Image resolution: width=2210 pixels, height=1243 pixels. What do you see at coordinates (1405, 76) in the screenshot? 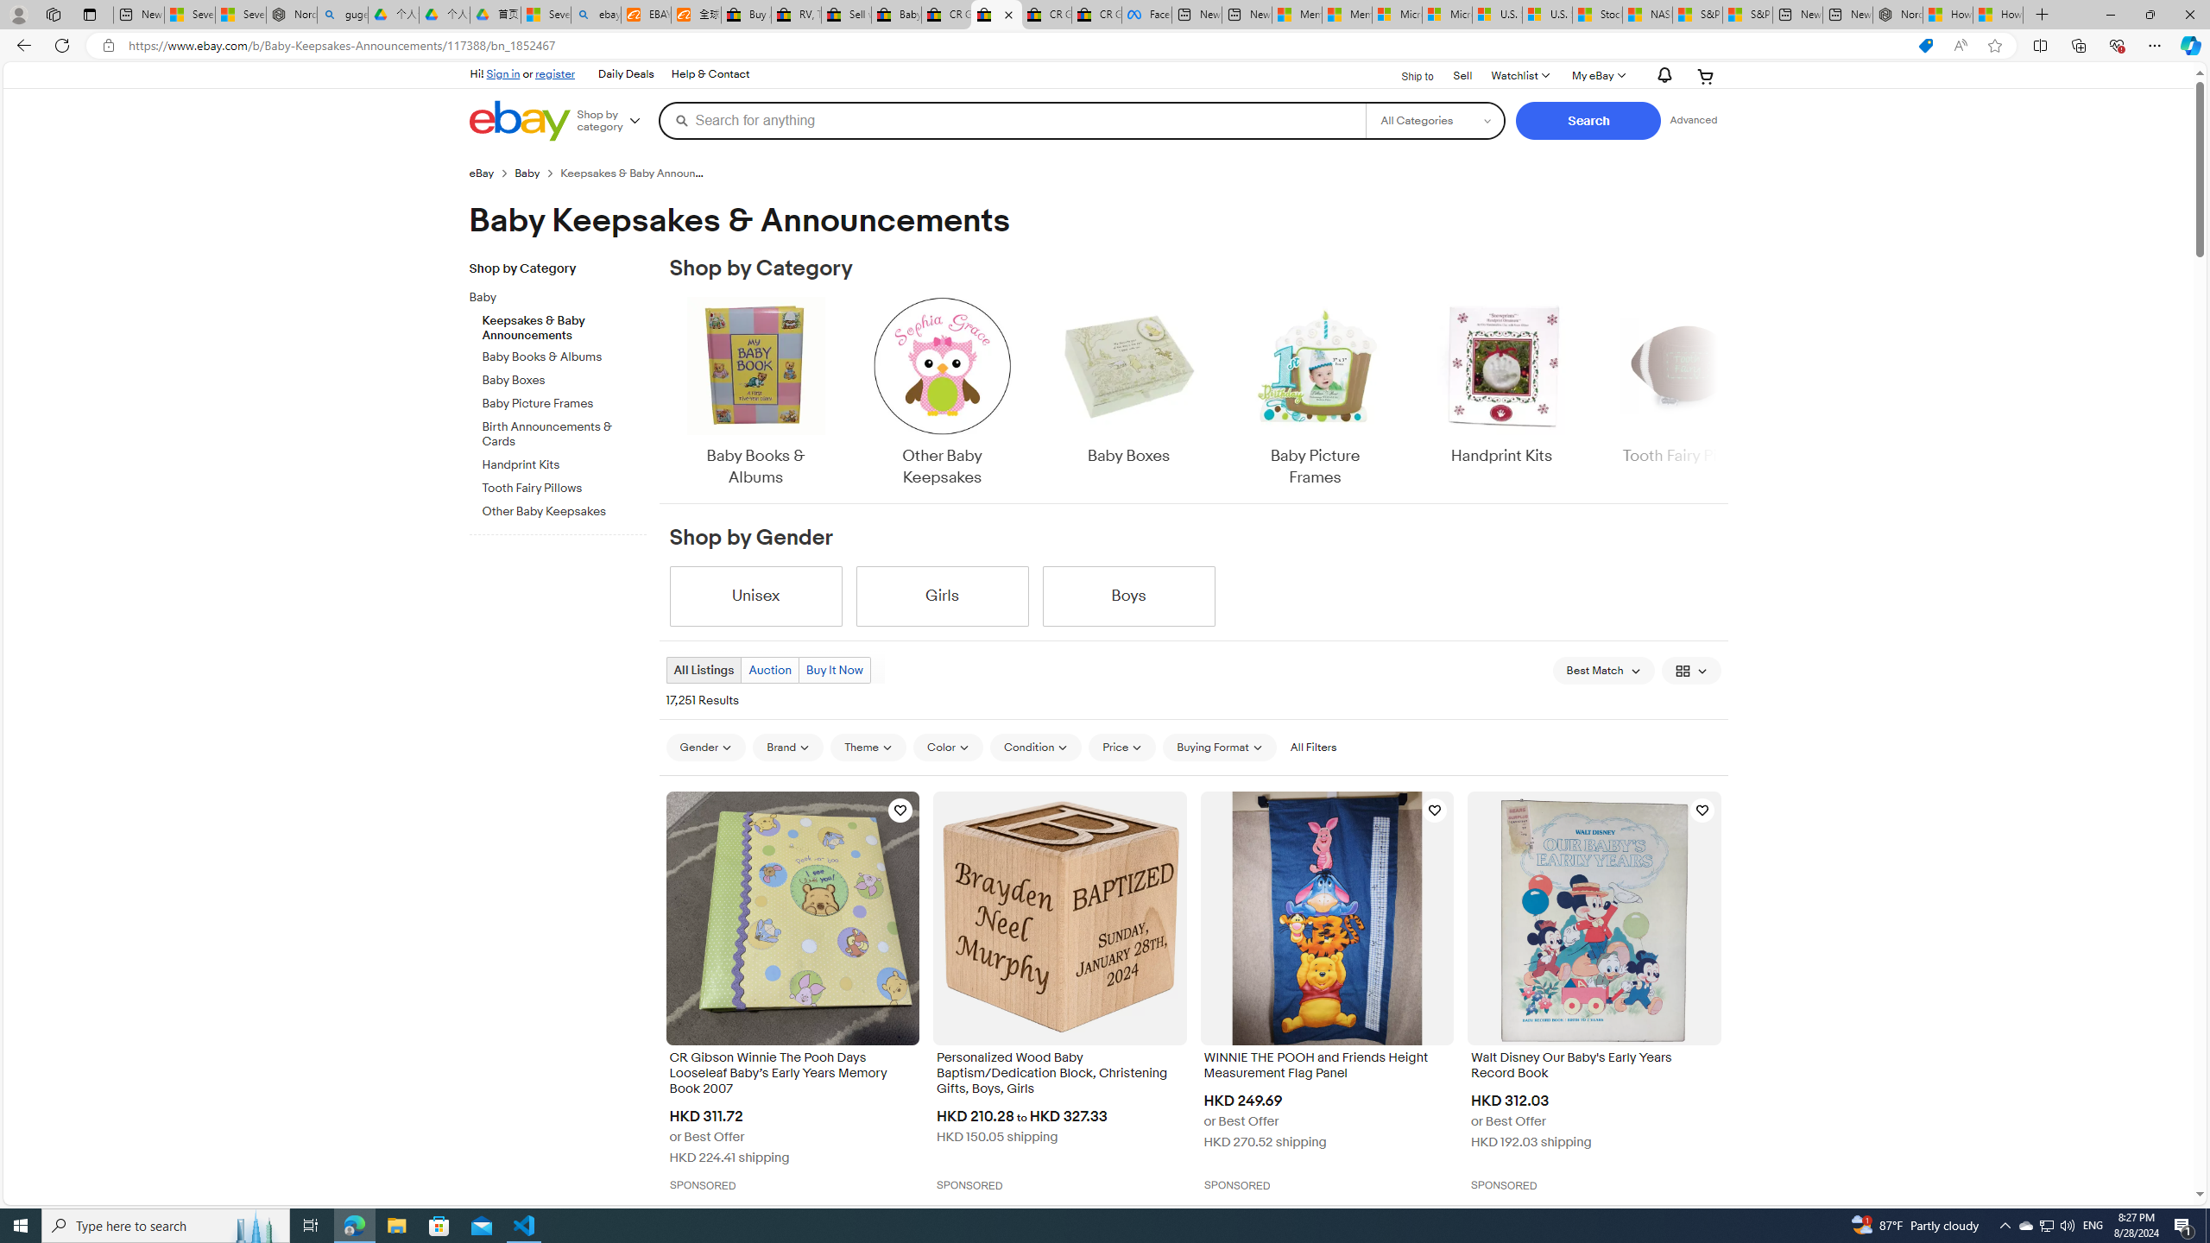
I see `'Ship to'` at bounding box center [1405, 76].